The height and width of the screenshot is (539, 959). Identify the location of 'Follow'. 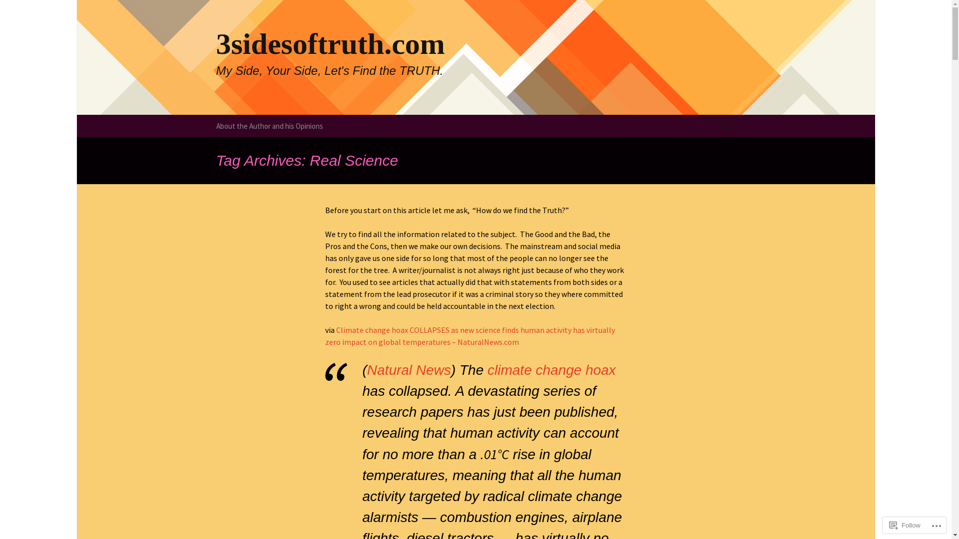
(905, 525).